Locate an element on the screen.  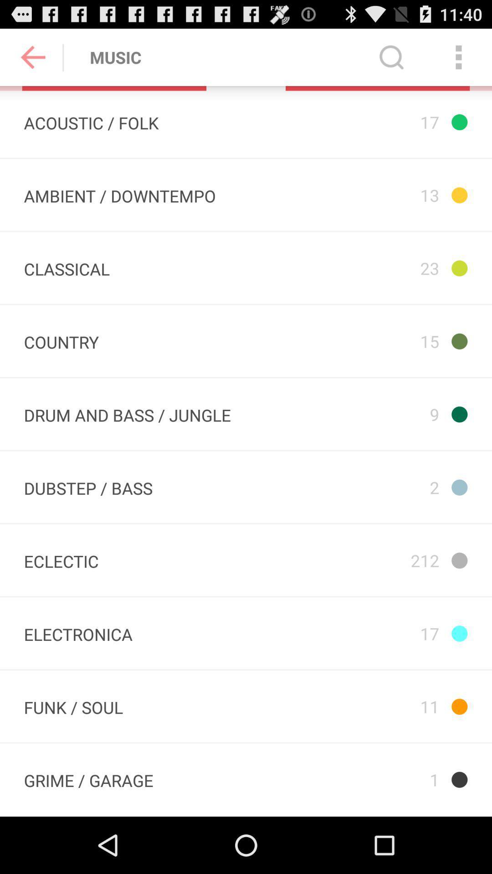
the icon next to 15 item is located at coordinates (61, 340).